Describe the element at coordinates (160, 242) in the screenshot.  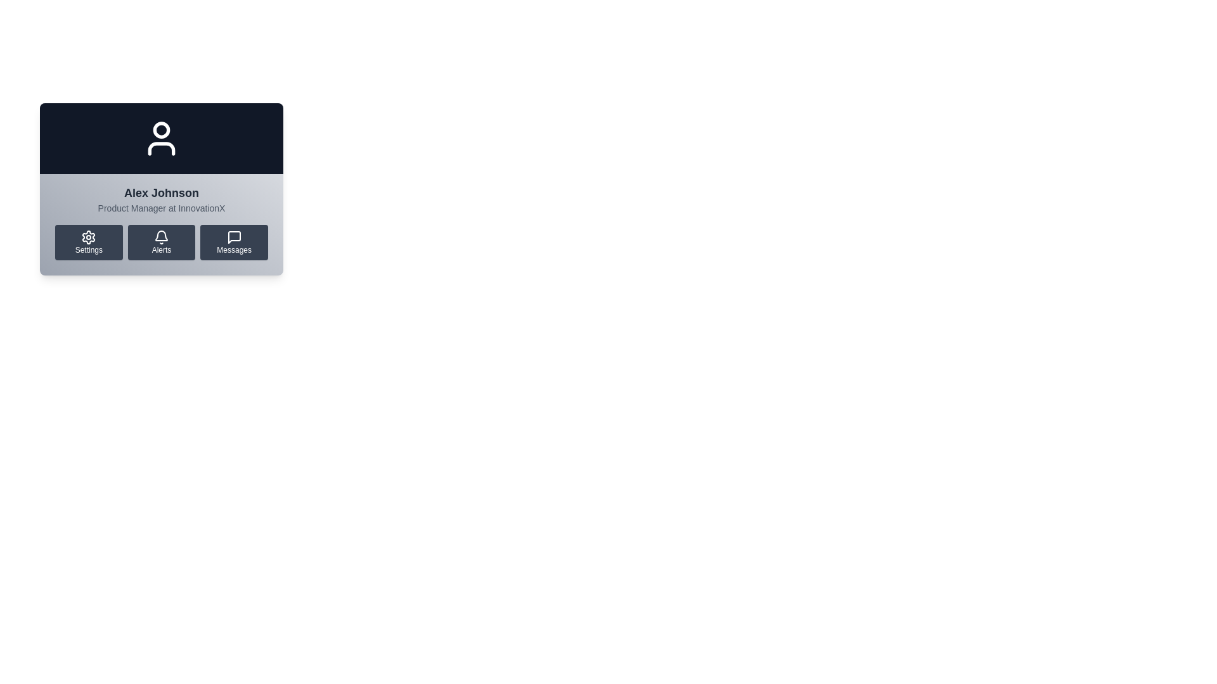
I see `the second button in the group of three at the bottom of the card interface` at that location.